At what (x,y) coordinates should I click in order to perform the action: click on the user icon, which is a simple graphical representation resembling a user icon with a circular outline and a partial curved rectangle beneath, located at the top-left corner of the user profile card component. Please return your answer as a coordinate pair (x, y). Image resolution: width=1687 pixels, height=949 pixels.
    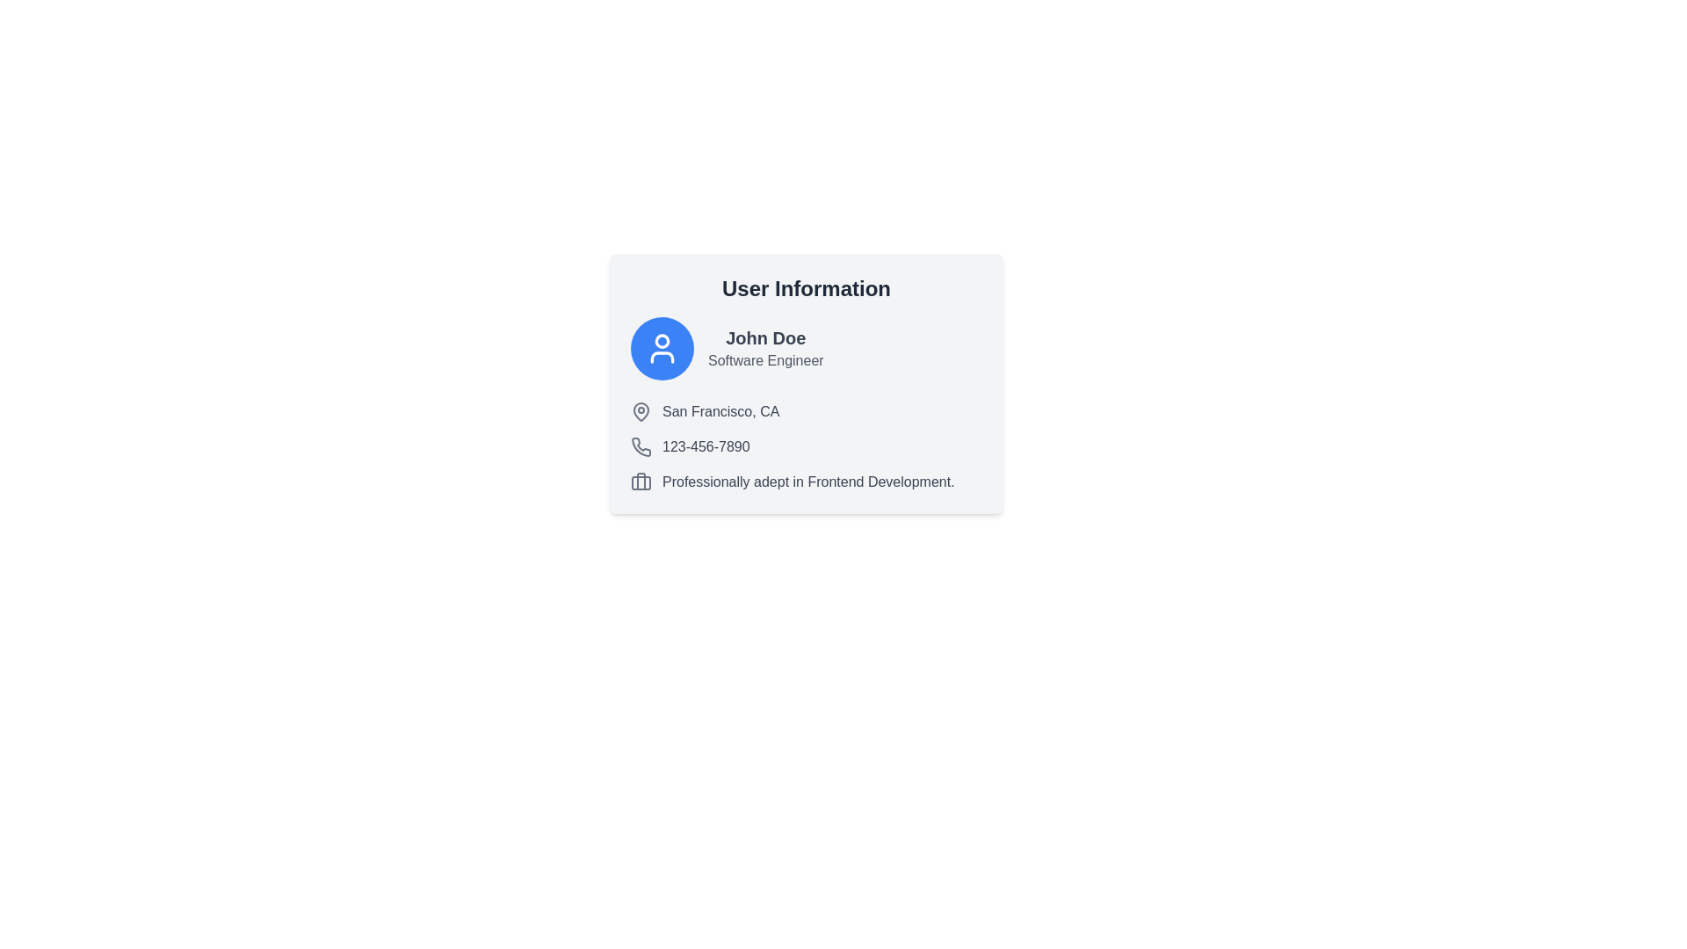
    Looking at the image, I should click on (661, 349).